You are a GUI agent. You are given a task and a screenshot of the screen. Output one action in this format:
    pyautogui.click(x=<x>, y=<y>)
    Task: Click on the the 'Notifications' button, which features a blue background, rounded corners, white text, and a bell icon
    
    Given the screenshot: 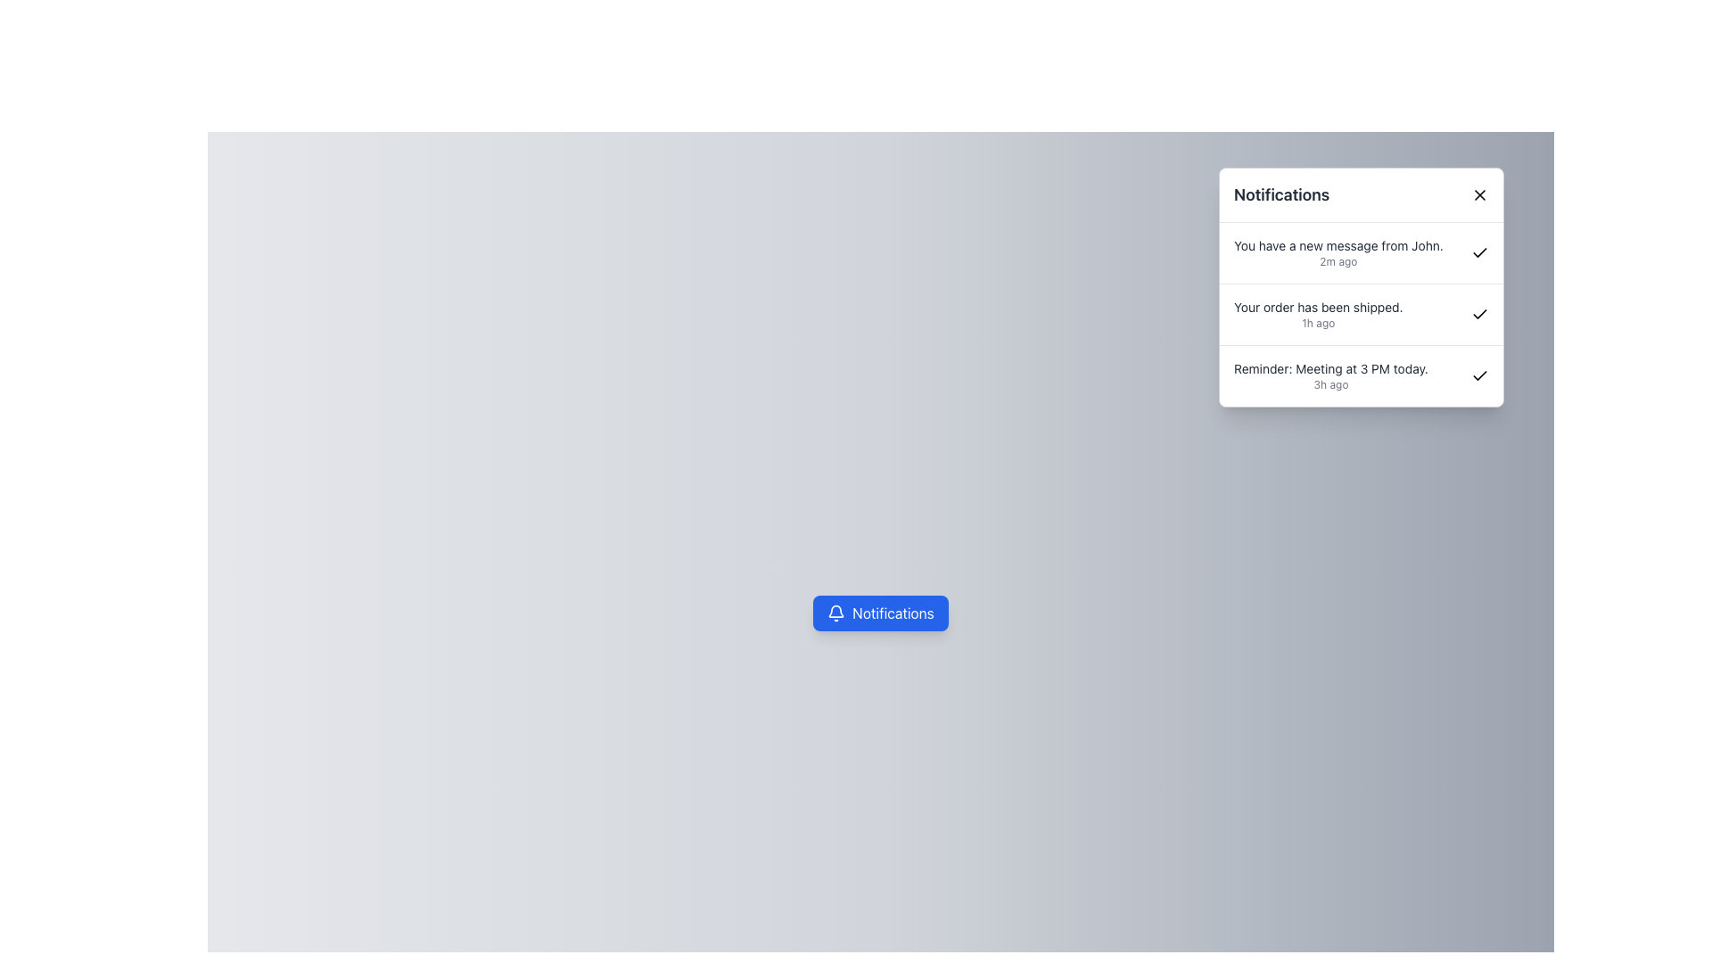 What is the action you would take?
    pyautogui.click(x=881, y=612)
    